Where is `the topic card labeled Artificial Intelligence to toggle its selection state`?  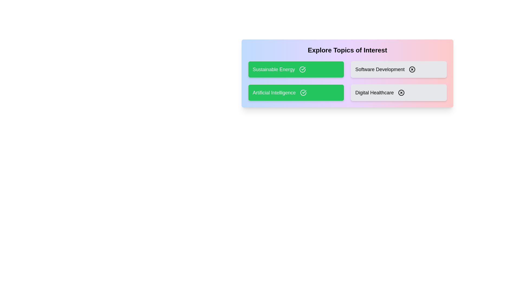
the topic card labeled Artificial Intelligence to toggle its selection state is located at coordinates (296, 92).